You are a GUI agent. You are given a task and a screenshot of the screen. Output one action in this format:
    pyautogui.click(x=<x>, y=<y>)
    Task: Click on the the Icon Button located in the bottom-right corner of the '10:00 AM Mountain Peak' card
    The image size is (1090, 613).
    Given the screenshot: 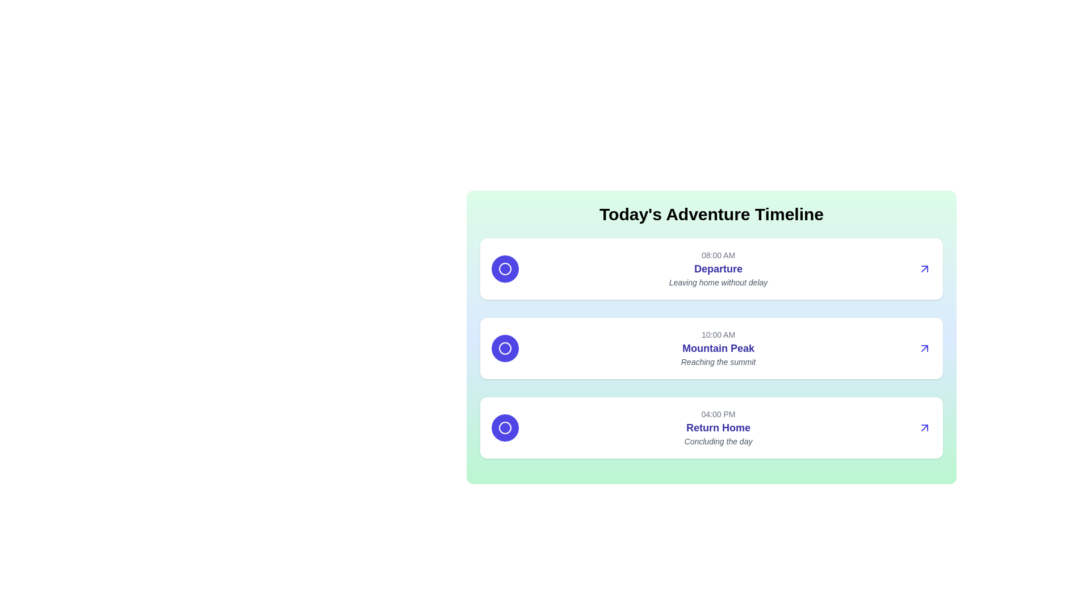 What is the action you would take?
    pyautogui.click(x=924, y=347)
    